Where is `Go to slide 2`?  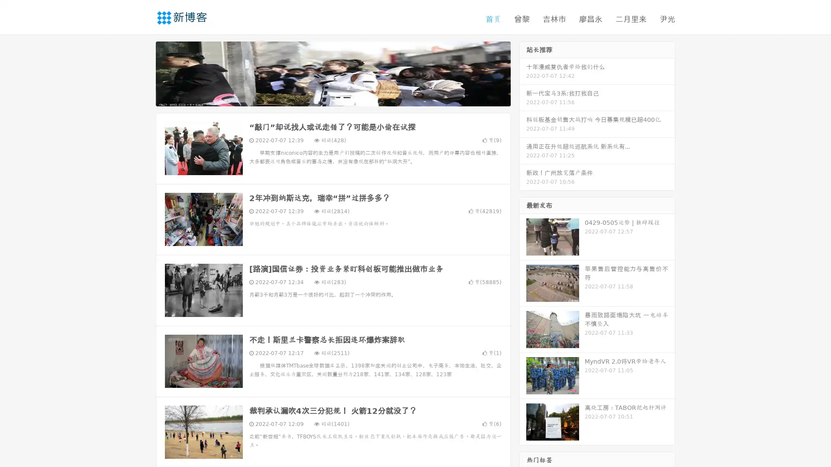 Go to slide 2 is located at coordinates (332, 97).